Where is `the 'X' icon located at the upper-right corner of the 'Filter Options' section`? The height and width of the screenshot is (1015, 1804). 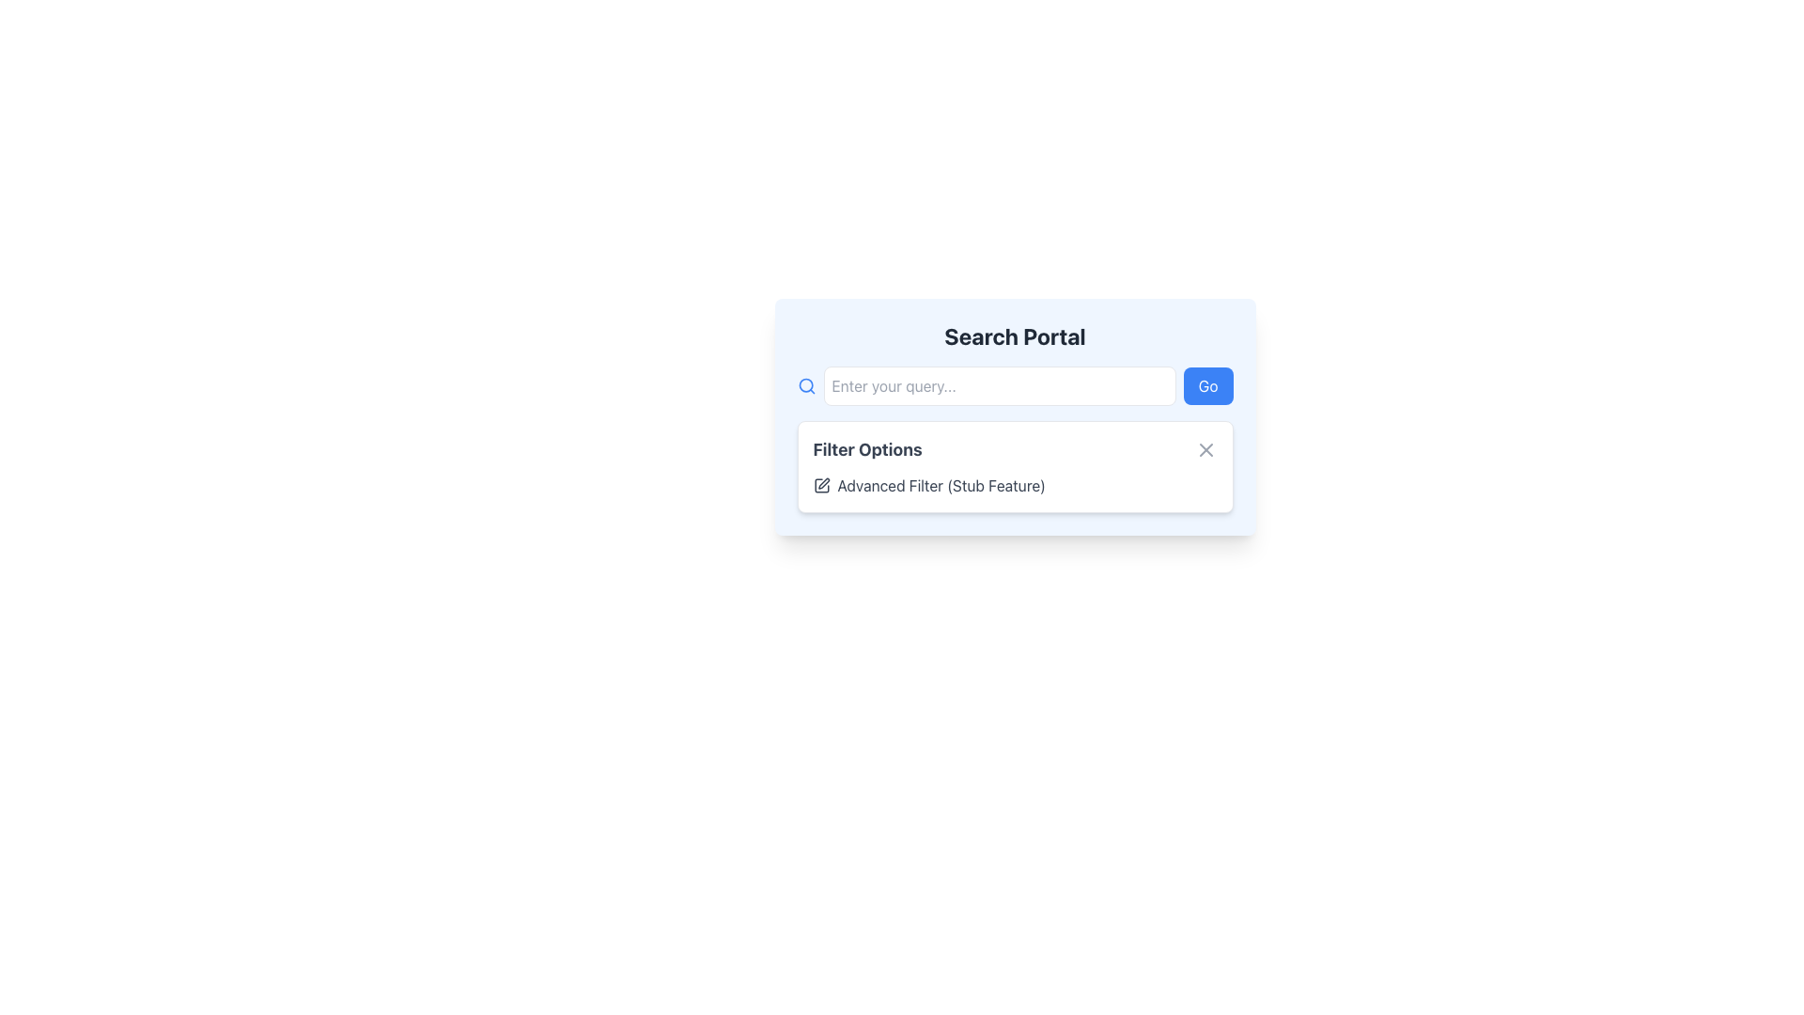 the 'X' icon located at the upper-right corner of the 'Filter Options' section is located at coordinates (1205, 449).